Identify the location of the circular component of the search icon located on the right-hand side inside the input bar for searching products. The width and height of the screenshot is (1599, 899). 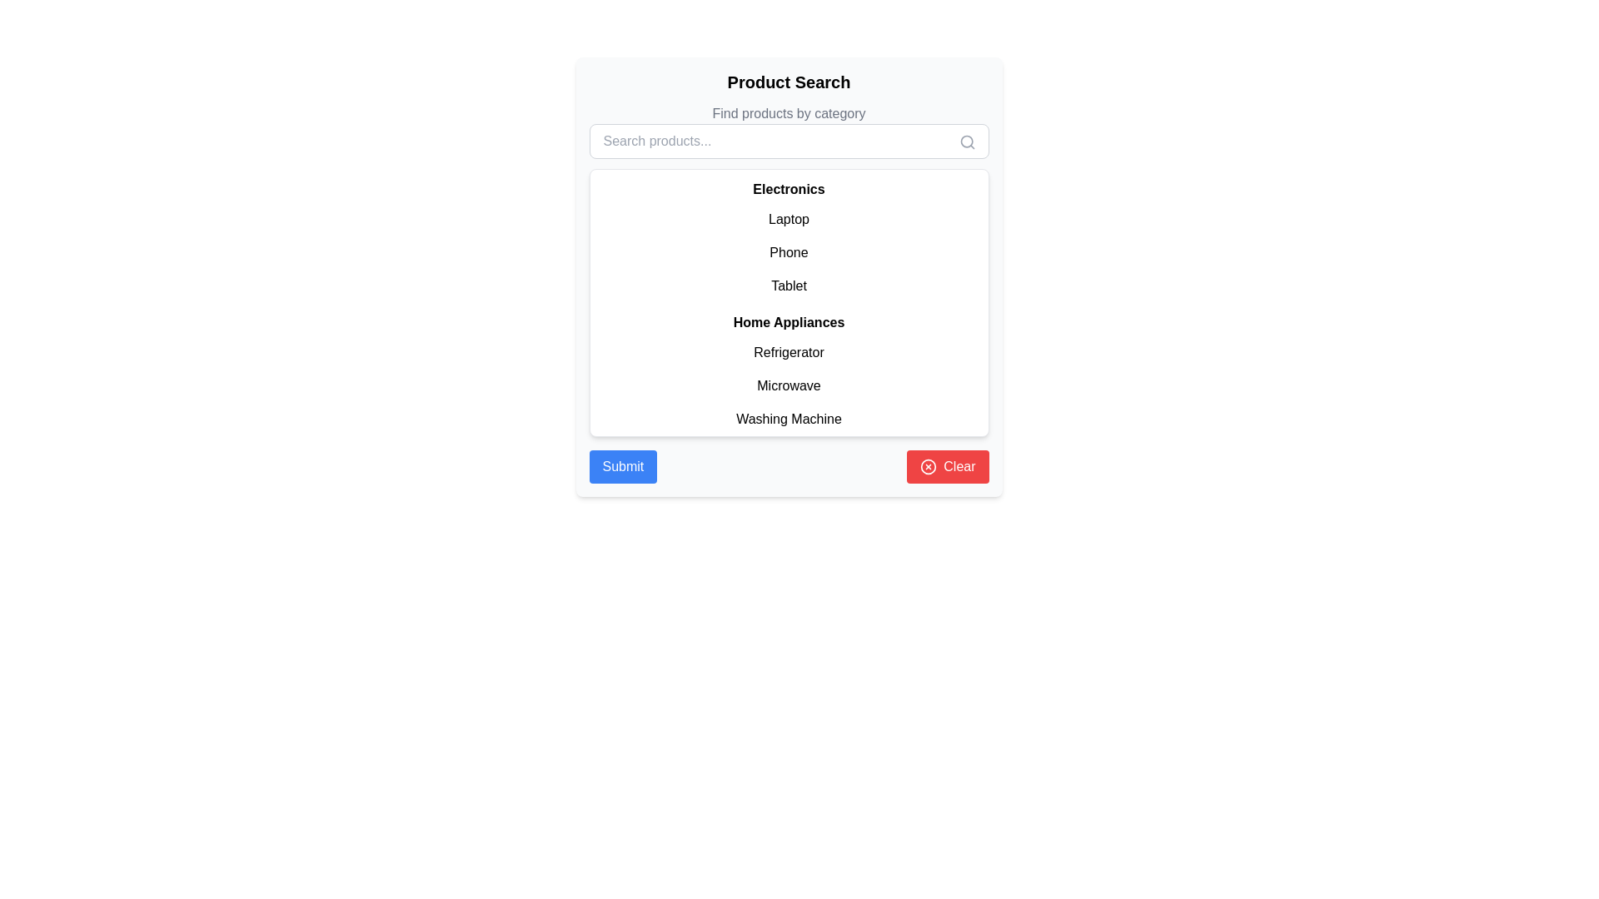
(966, 141).